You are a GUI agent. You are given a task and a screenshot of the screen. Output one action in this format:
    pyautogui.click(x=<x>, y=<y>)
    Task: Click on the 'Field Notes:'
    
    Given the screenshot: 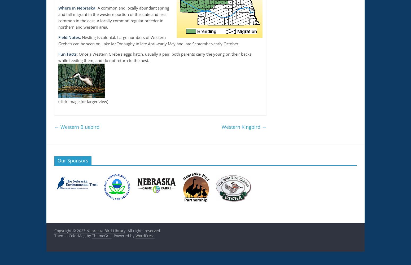 What is the action you would take?
    pyautogui.click(x=69, y=37)
    